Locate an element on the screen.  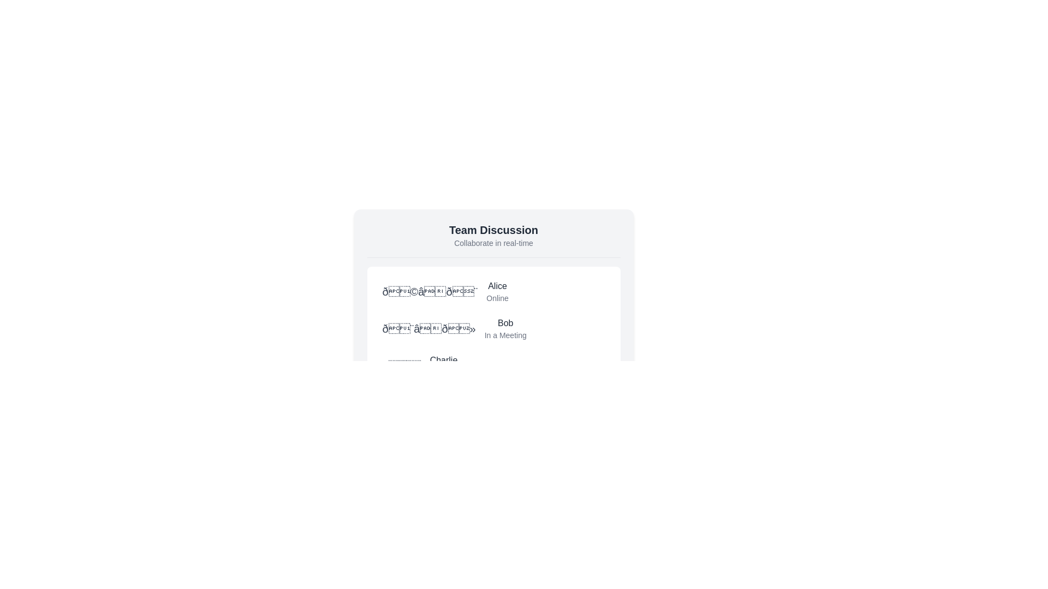
the text label displaying 'Alice' in bold dark gray font, located in the user list section under 'Team Discussion' is located at coordinates (497, 285).